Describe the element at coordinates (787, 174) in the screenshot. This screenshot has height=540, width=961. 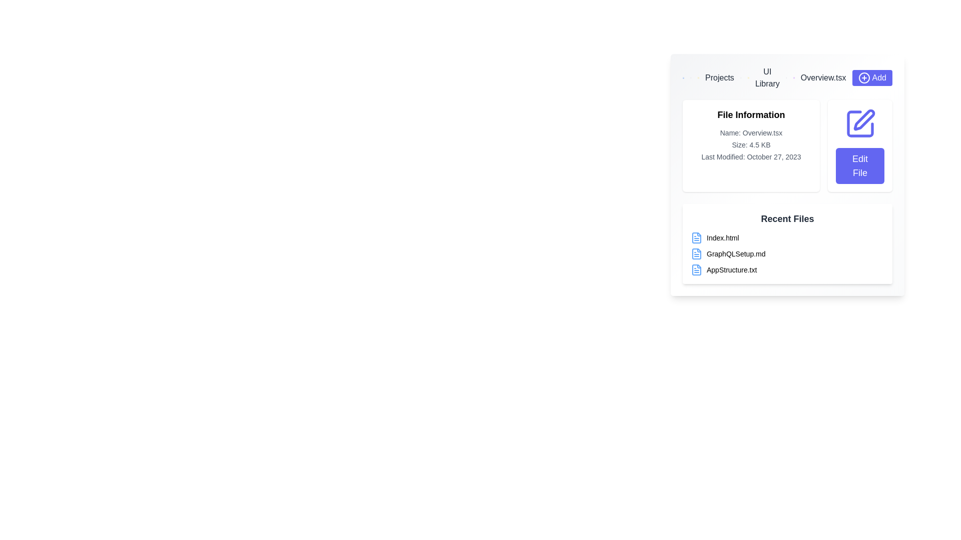
I see `the interactive button within the prominent card that displays detailed information about a specific file, located at the center of the UI` at that location.